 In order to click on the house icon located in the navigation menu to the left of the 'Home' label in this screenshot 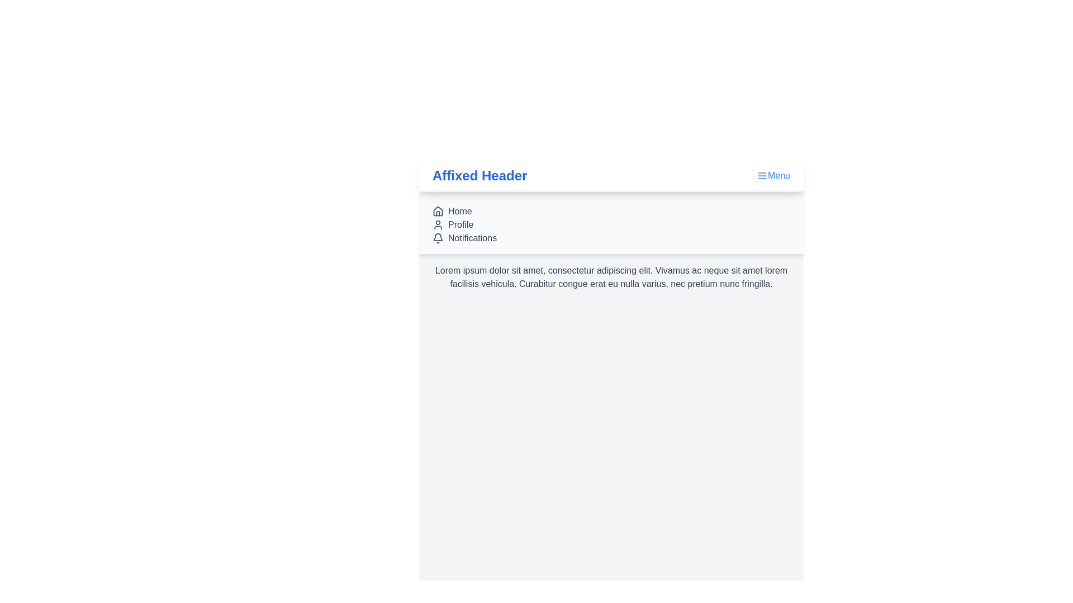, I will do `click(437, 211)`.